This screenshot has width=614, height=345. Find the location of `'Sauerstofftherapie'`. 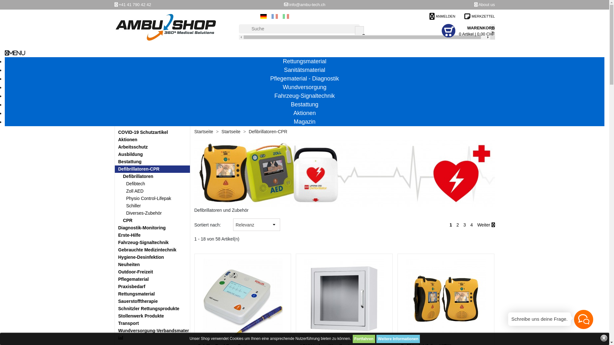

'Sauerstofftherapie' is located at coordinates (152, 301).